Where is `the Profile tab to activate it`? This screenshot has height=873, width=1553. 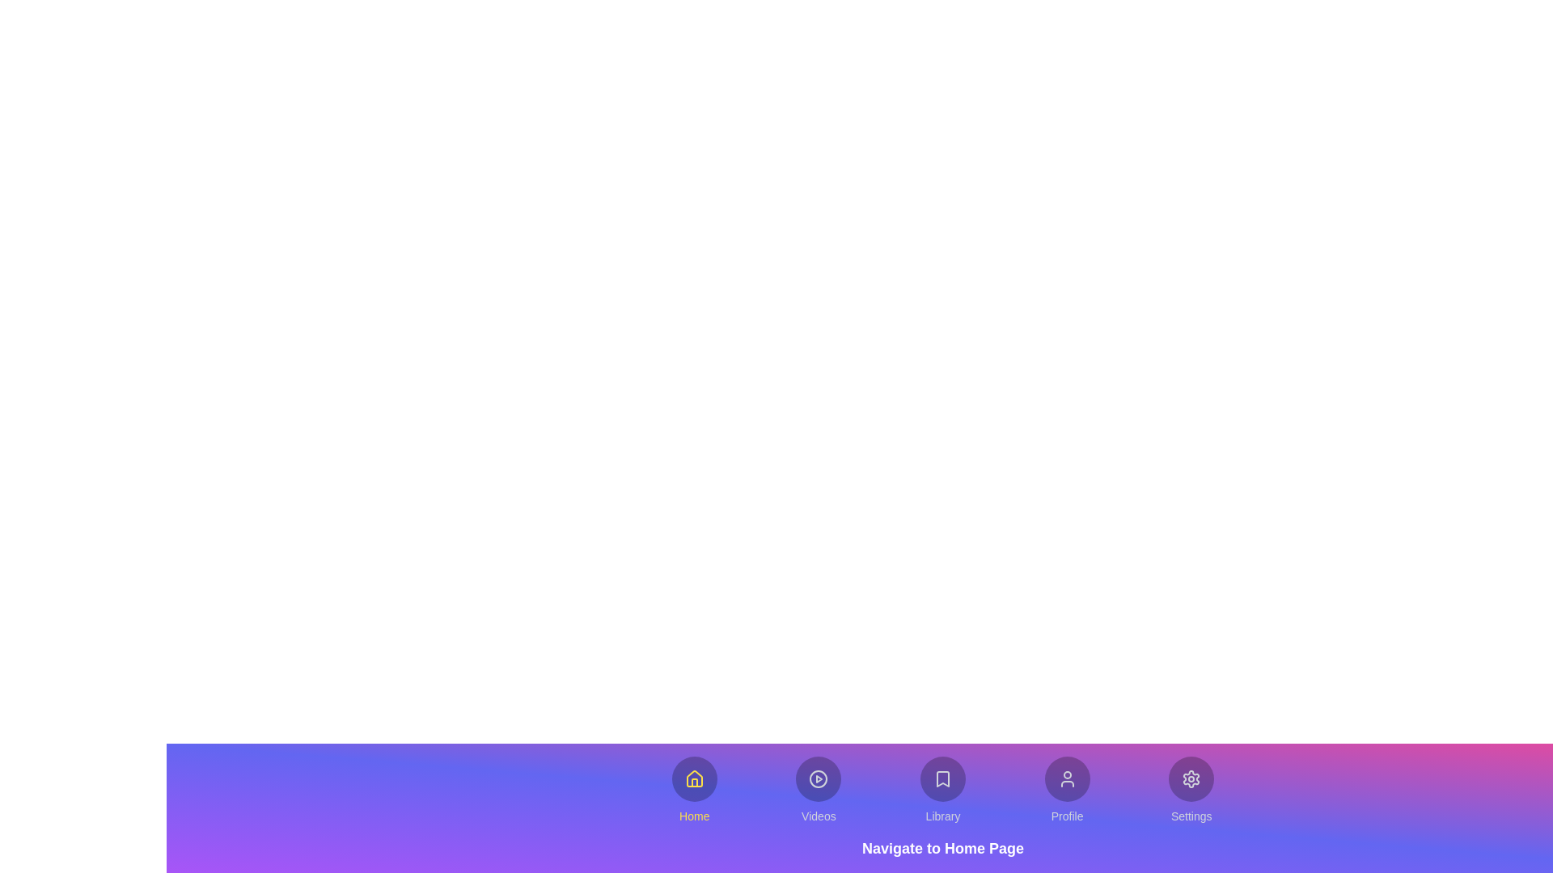
the Profile tab to activate it is located at coordinates (1067, 790).